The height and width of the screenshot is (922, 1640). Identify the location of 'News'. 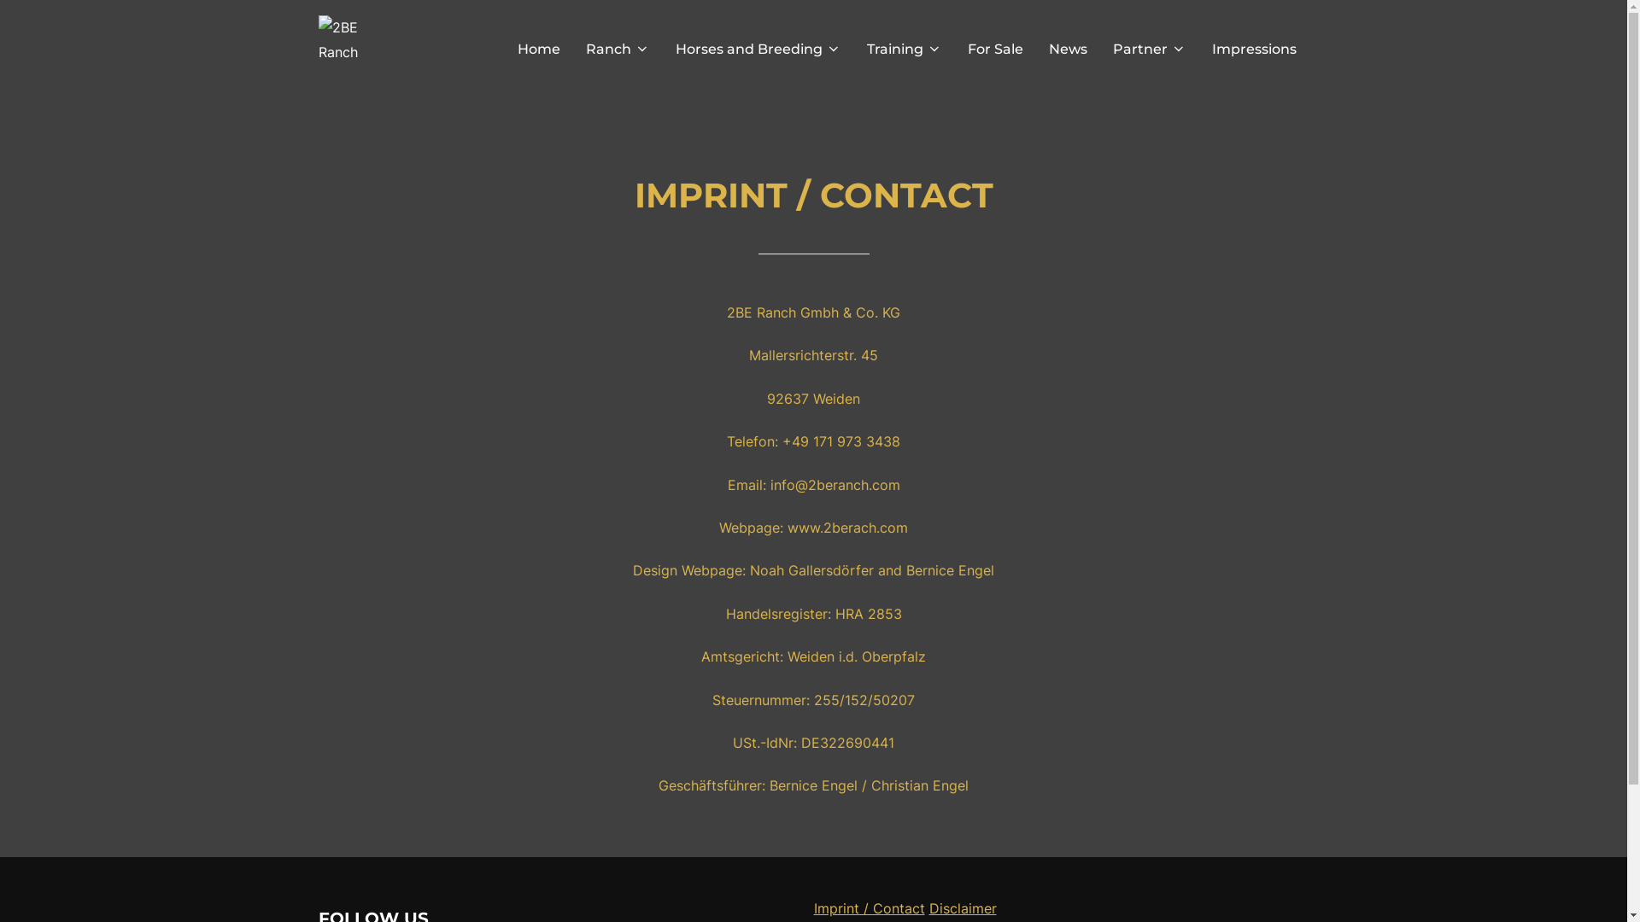
(1067, 48).